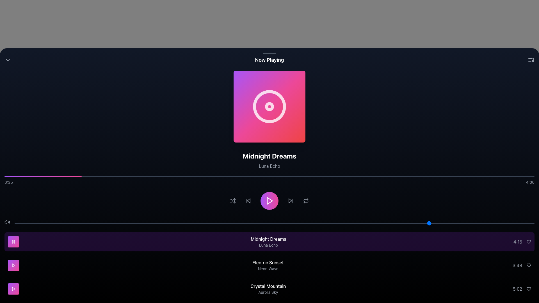  I want to click on the circular icon with a spinning animation, styled in white at 80% opacity, located in the upper section of the interface above the text 'Midnight Dreams' and 'Luna Echo', so click(269, 107).